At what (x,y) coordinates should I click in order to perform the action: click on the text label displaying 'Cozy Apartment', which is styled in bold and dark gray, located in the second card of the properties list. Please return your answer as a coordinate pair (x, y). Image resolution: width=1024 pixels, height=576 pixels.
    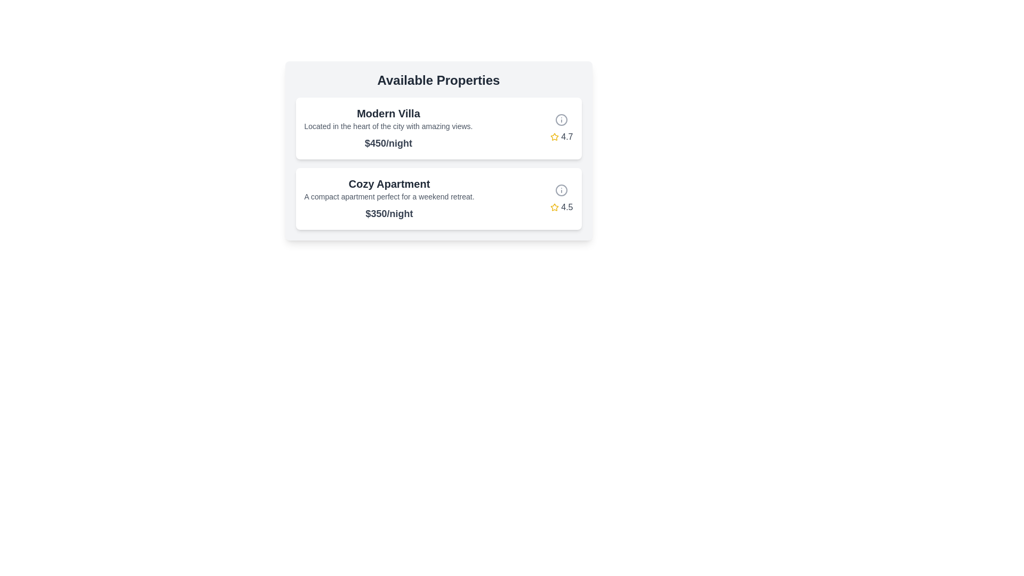
    Looking at the image, I should click on (388, 183).